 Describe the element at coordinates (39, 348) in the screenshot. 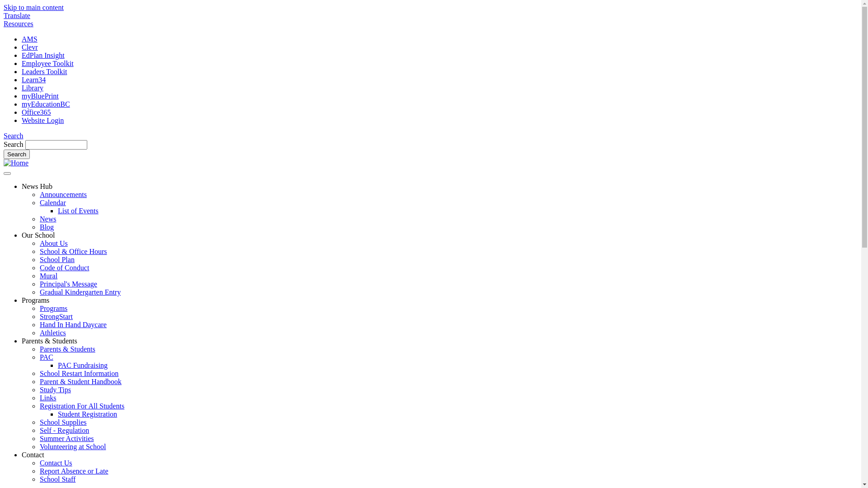

I see `'Parents & Students'` at that location.